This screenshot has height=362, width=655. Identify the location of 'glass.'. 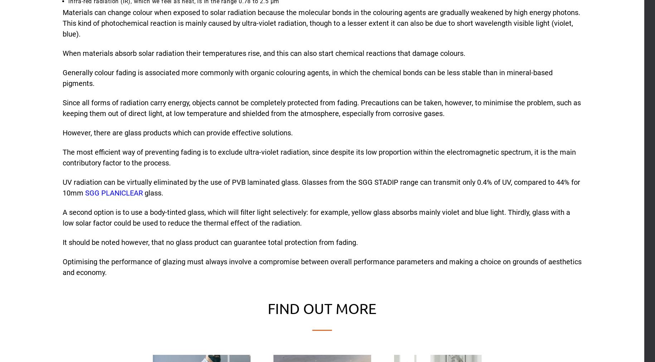
(152, 192).